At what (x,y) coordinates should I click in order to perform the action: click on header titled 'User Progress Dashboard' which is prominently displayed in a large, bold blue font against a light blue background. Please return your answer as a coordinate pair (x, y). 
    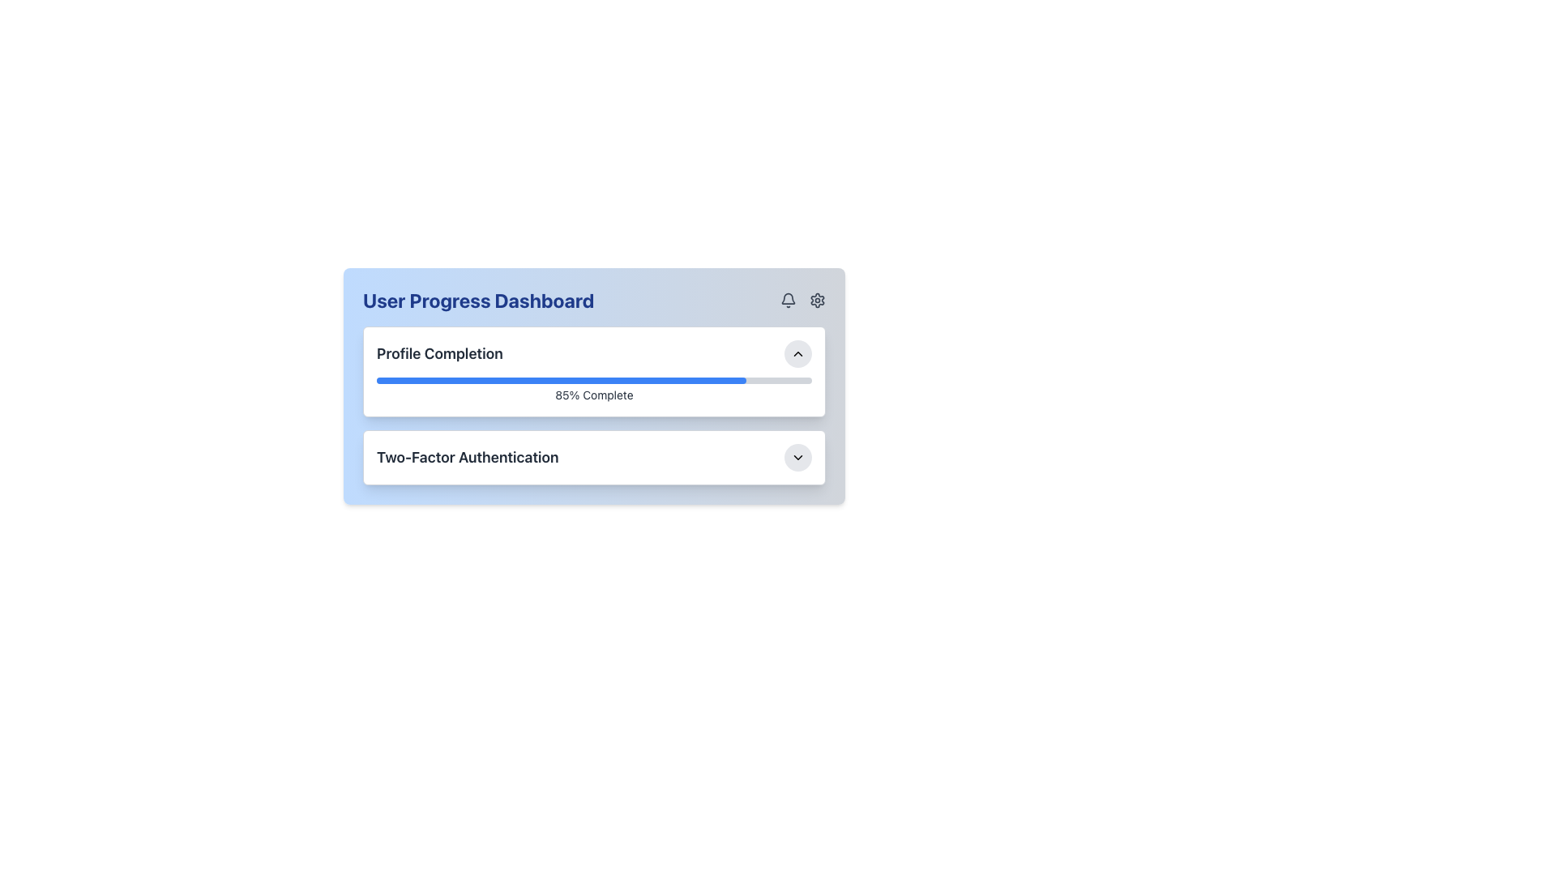
    Looking at the image, I should click on (477, 300).